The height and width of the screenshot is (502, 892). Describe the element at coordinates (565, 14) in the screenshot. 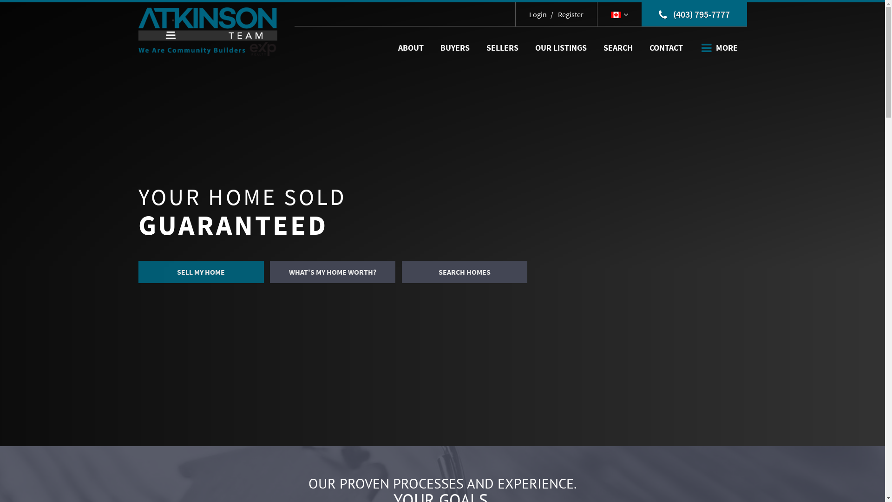

I see `'Register'` at that location.